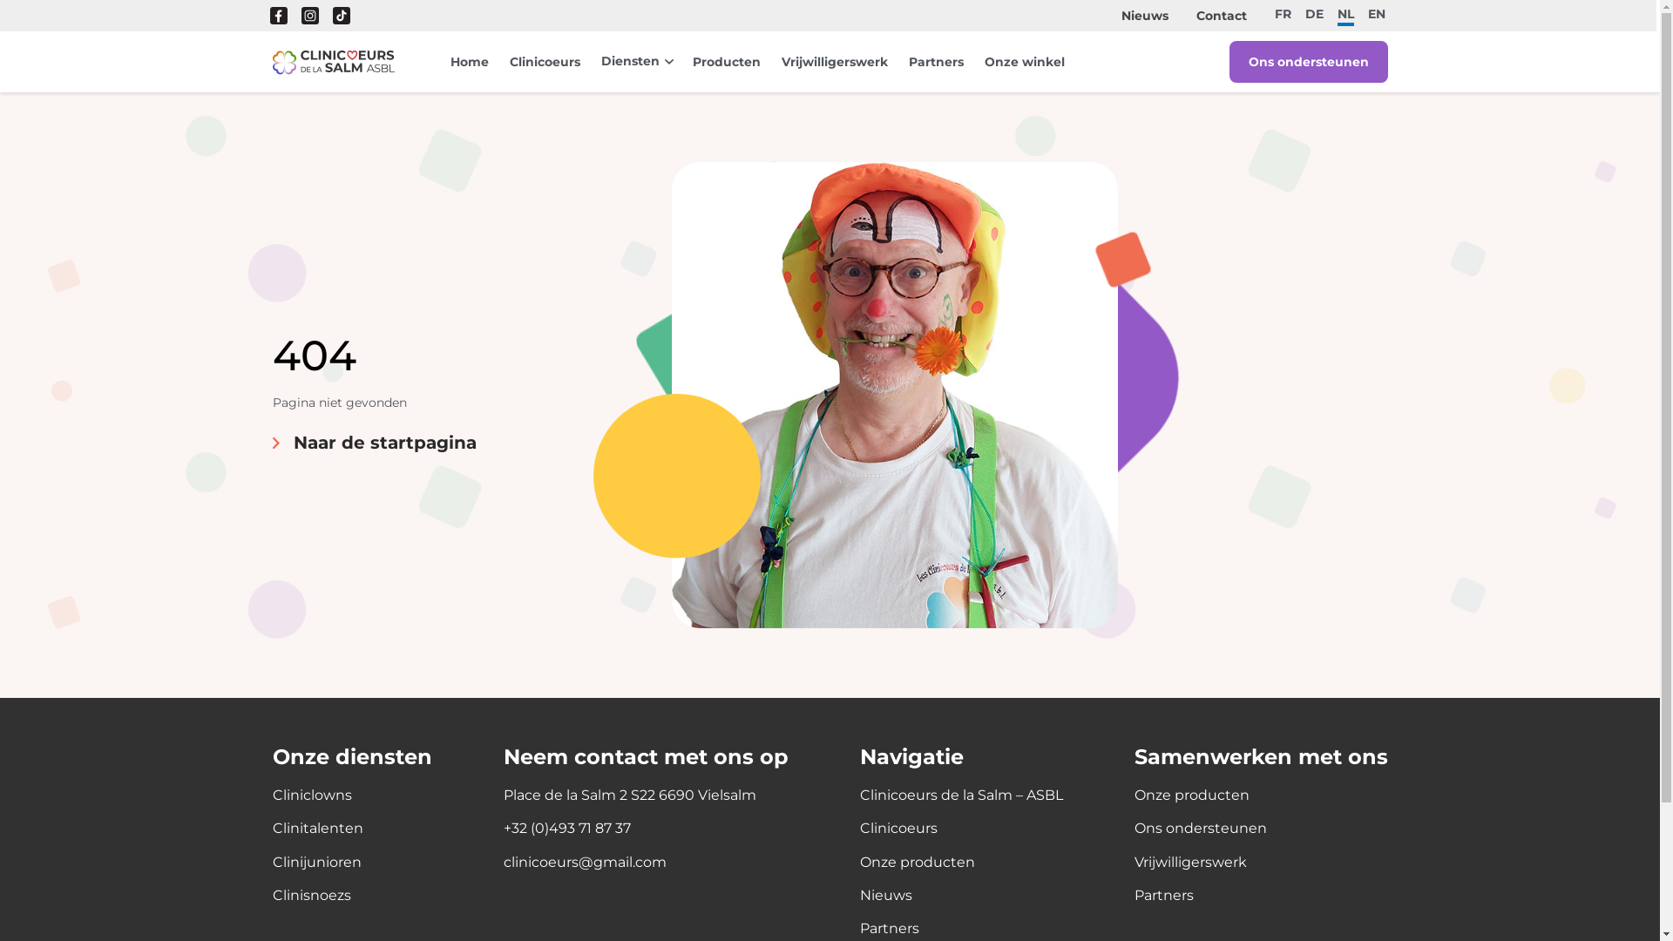 This screenshot has width=1673, height=941. What do you see at coordinates (316, 863) in the screenshot?
I see `'Clinijunioren'` at bounding box center [316, 863].